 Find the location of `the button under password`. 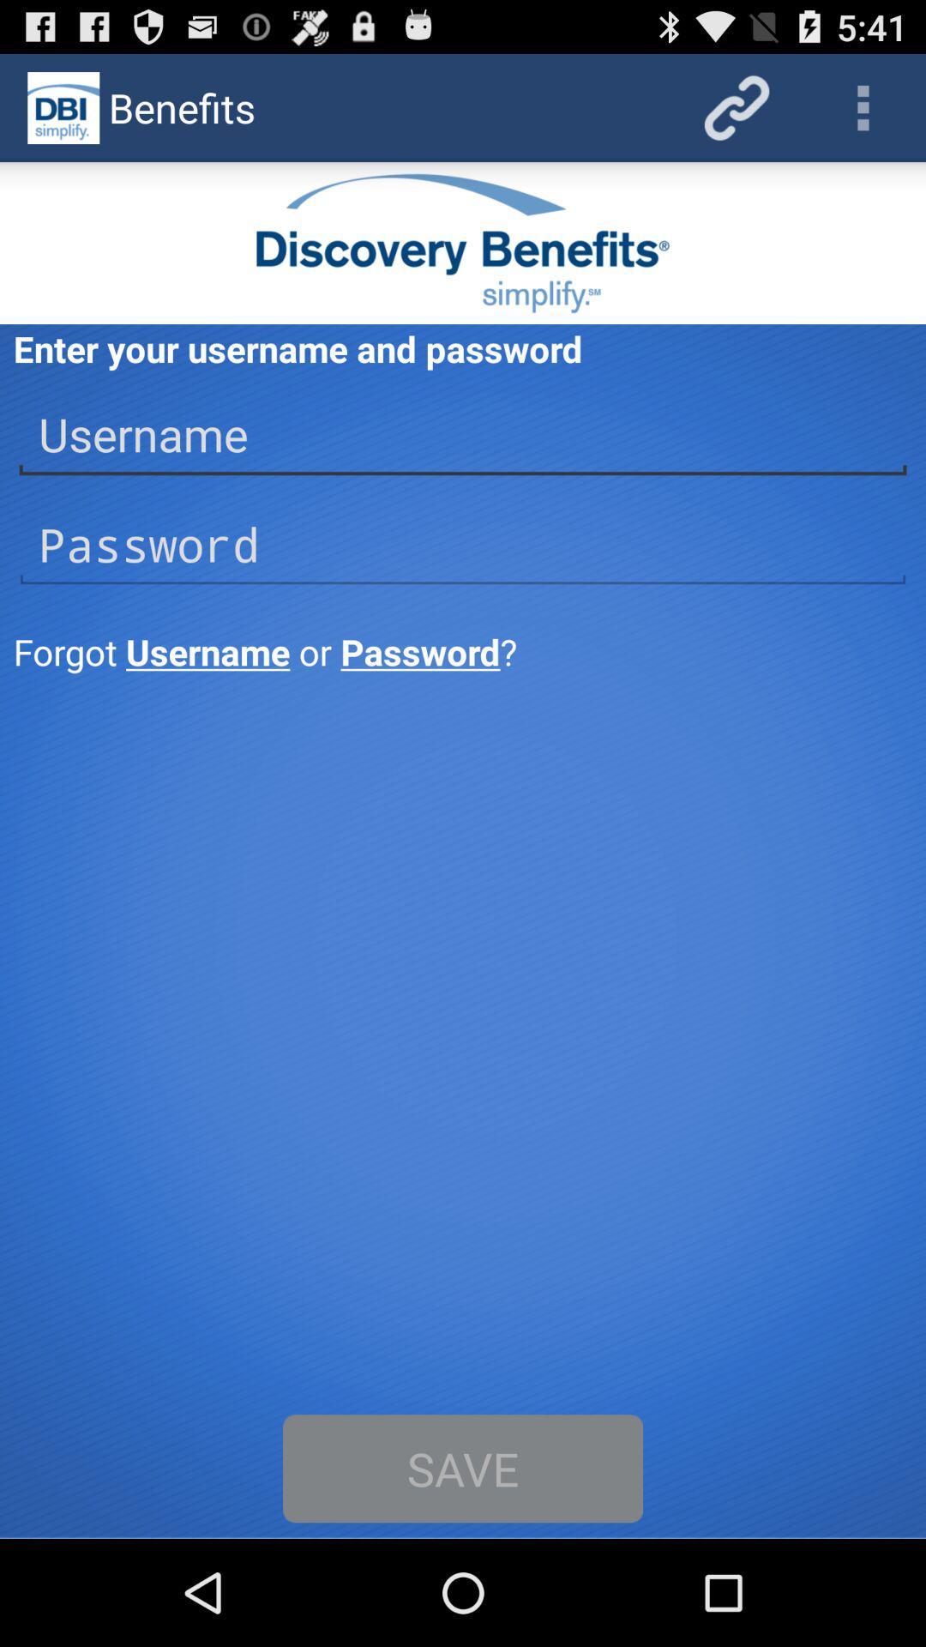

the button under password is located at coordinates (464, 650).